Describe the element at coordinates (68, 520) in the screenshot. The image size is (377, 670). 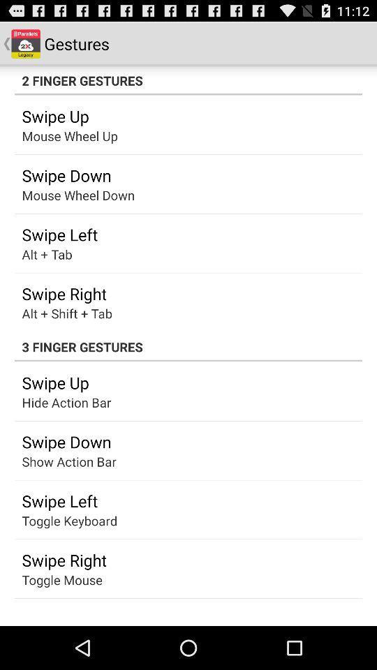
I see `icon below the swipe left` at that location.